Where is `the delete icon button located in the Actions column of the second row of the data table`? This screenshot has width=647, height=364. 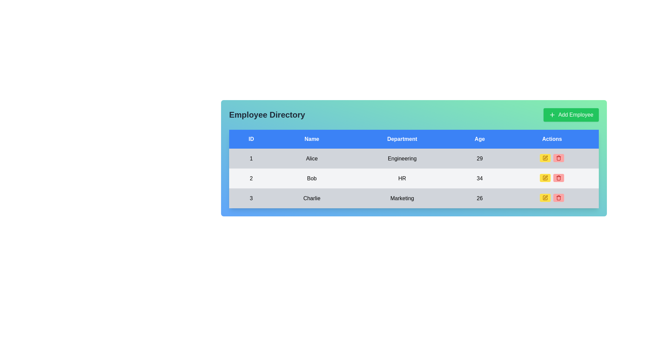
the delete icon button located in the Actions column of the second row of the data table is located at coordinates (559, 158).